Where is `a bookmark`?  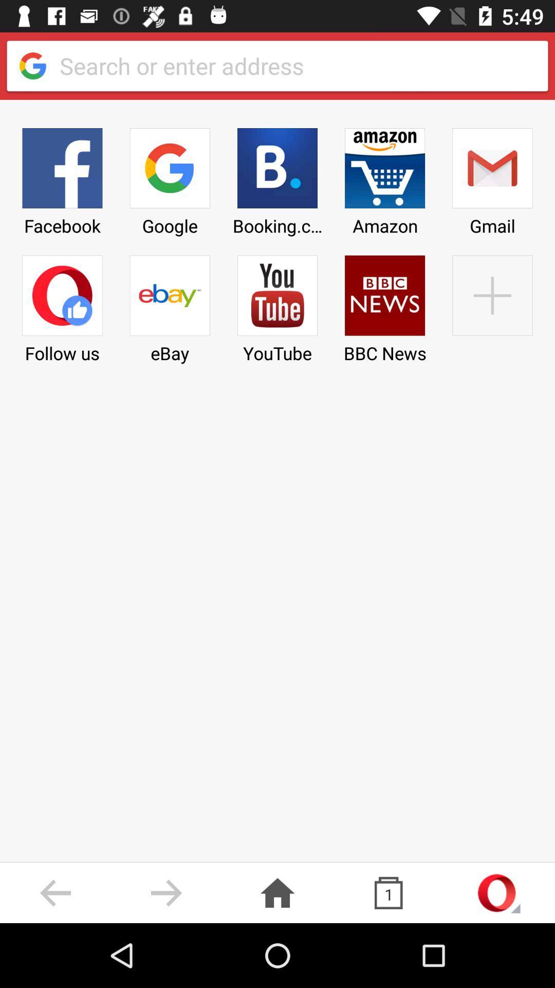
a bookmark is located at coordinates (492, 305).